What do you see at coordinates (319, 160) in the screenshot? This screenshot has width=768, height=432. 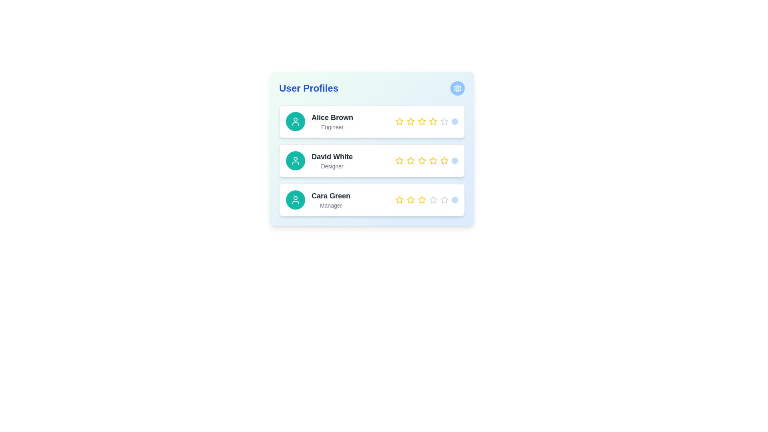 I see `the second profile item in the user profiles list, which displays 'David White' as the name and 'Designer' as the role` at bounding box center [319, 160].